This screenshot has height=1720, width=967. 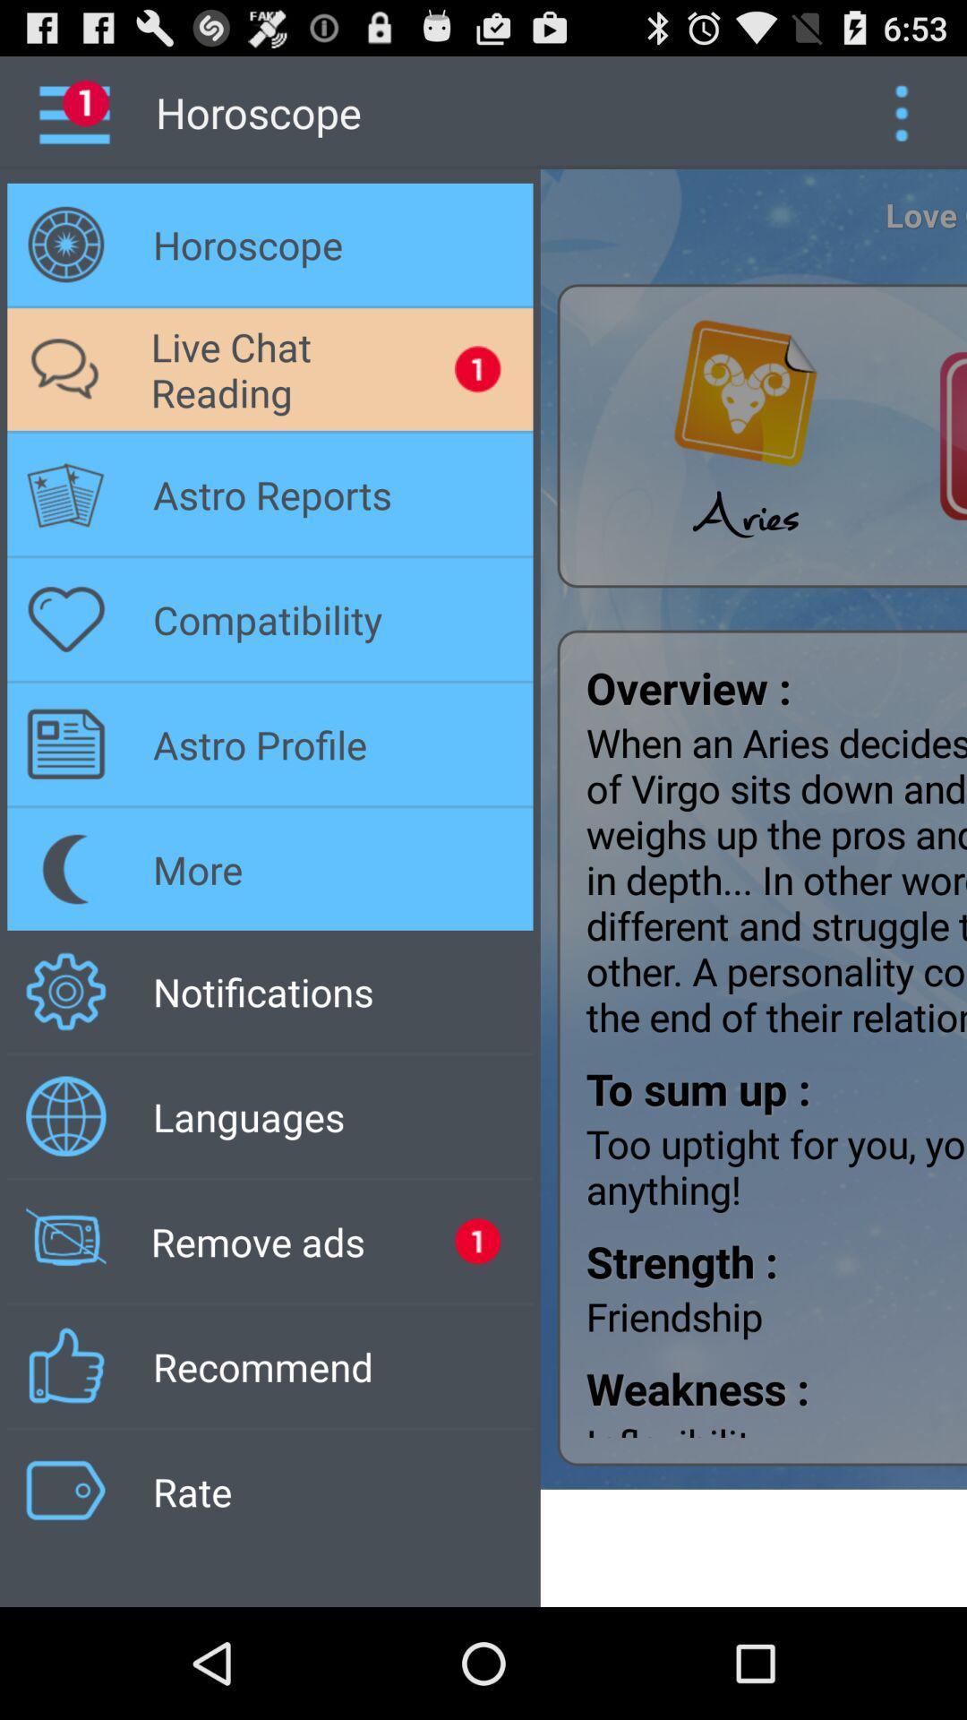 I want to click on option, so click(x=901, y=111).